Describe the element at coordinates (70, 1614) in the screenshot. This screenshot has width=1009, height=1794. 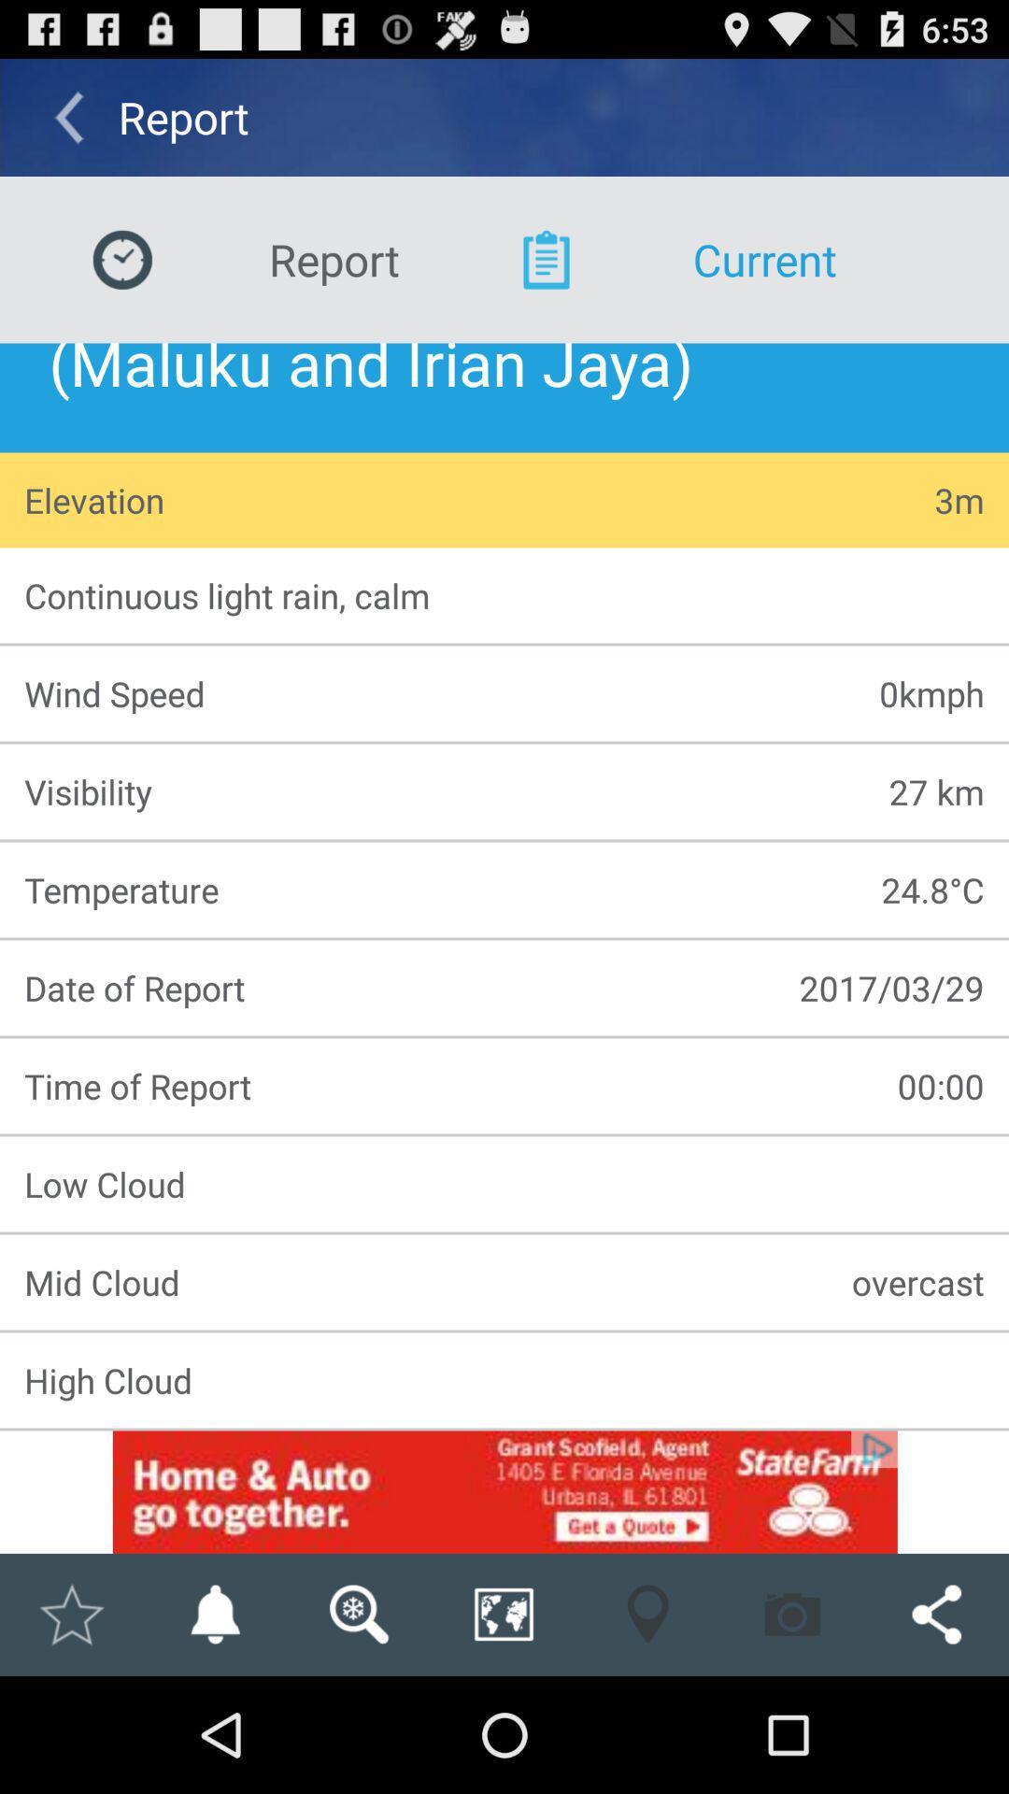
I see `mark as favorite` at that location.